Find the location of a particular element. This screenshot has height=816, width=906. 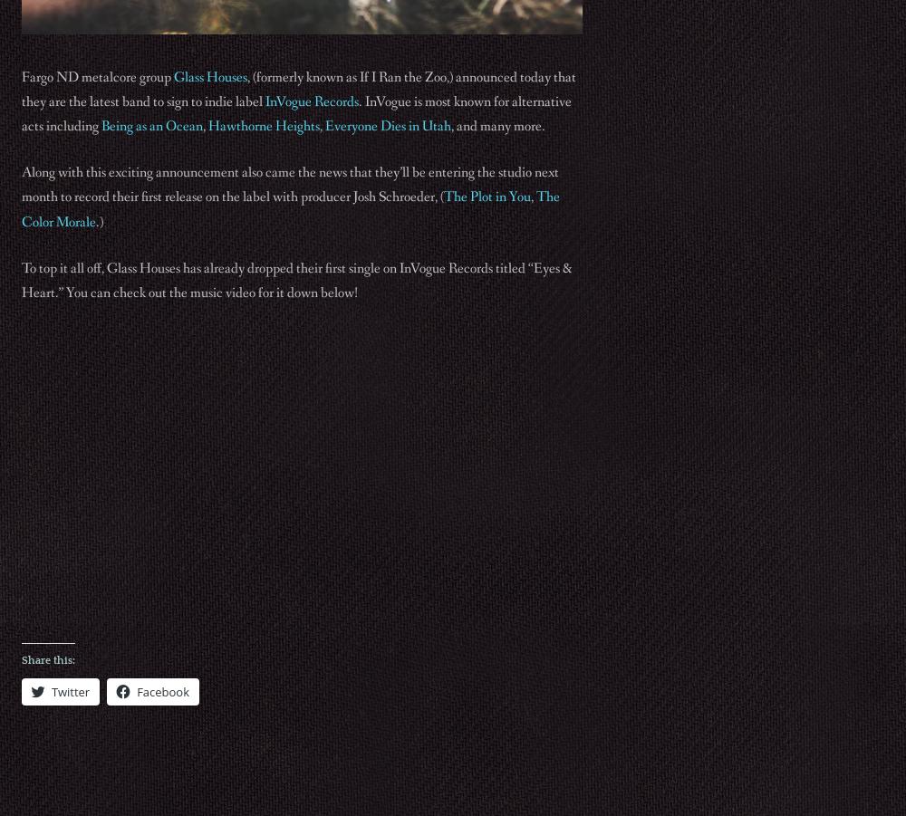

'Twitter' is located at coordinates (70, 690).